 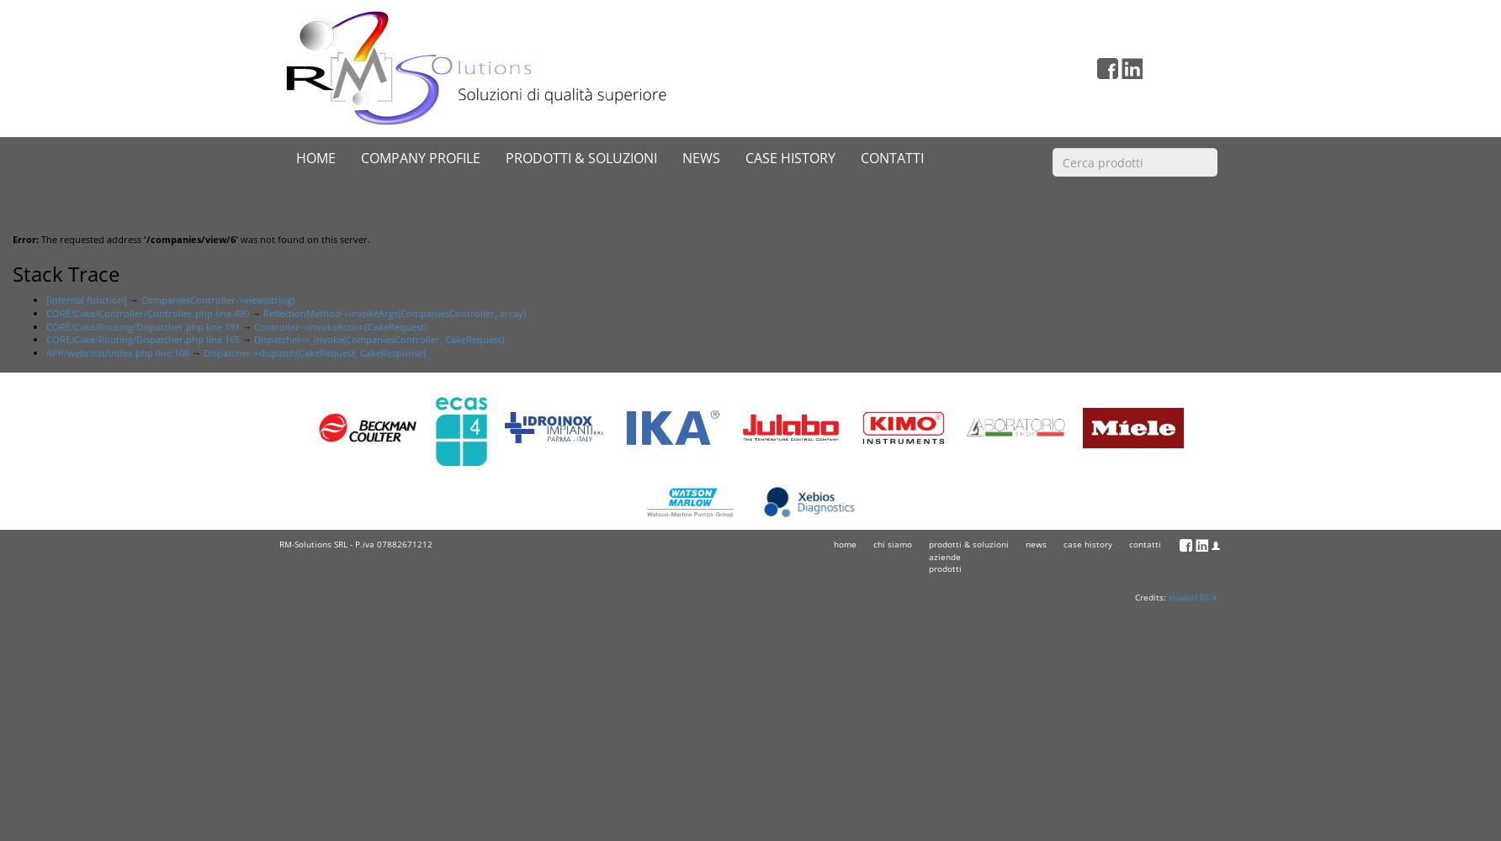 What do you see at coordinates (1026, 544) in the screenshot?
I see `'news'` at bounding box center [1026, 544].